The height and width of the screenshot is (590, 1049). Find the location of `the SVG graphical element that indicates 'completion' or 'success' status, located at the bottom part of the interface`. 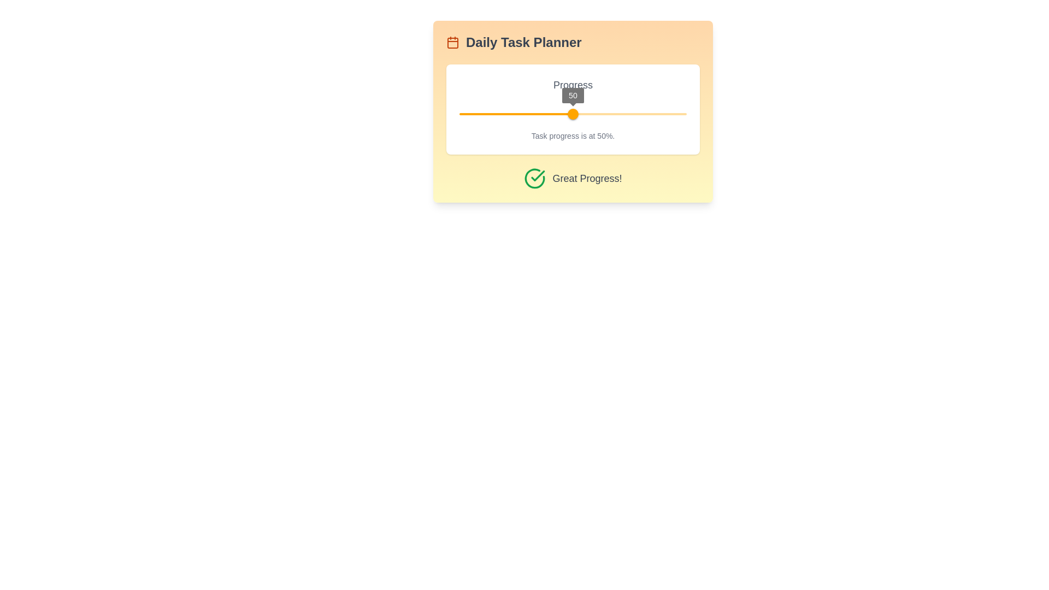

the SVG graphical element that indicates 'completion' or 'success' status, located at the bottom part of the interface is located at coordinates (535, 178).